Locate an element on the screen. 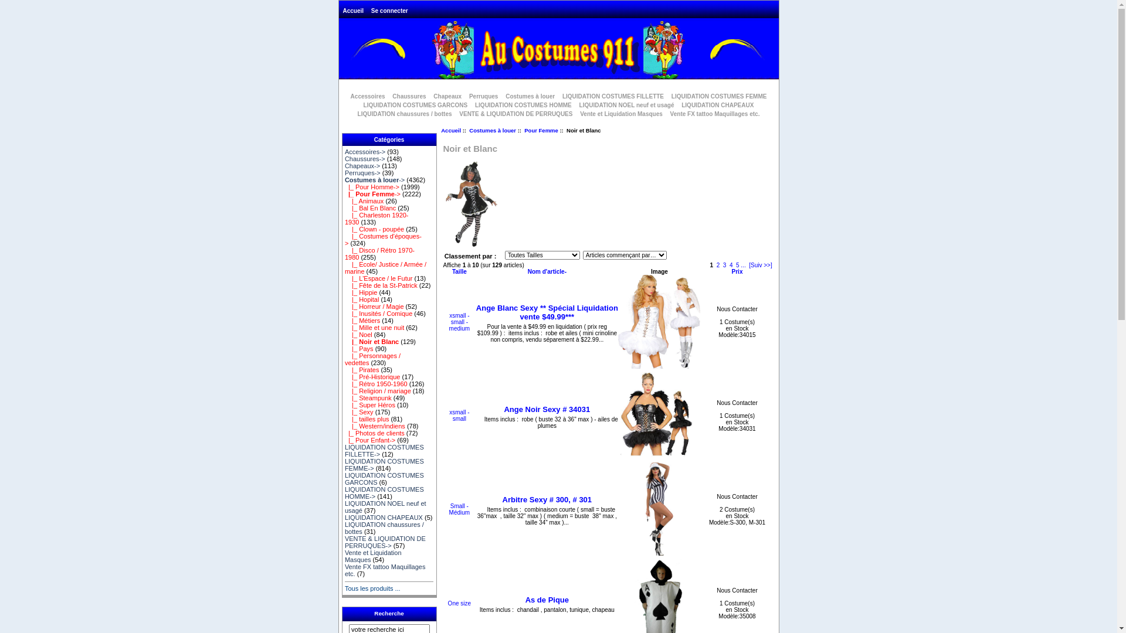  'Ange Noir Sexy # 34031' is located at coordinates (546, 409).